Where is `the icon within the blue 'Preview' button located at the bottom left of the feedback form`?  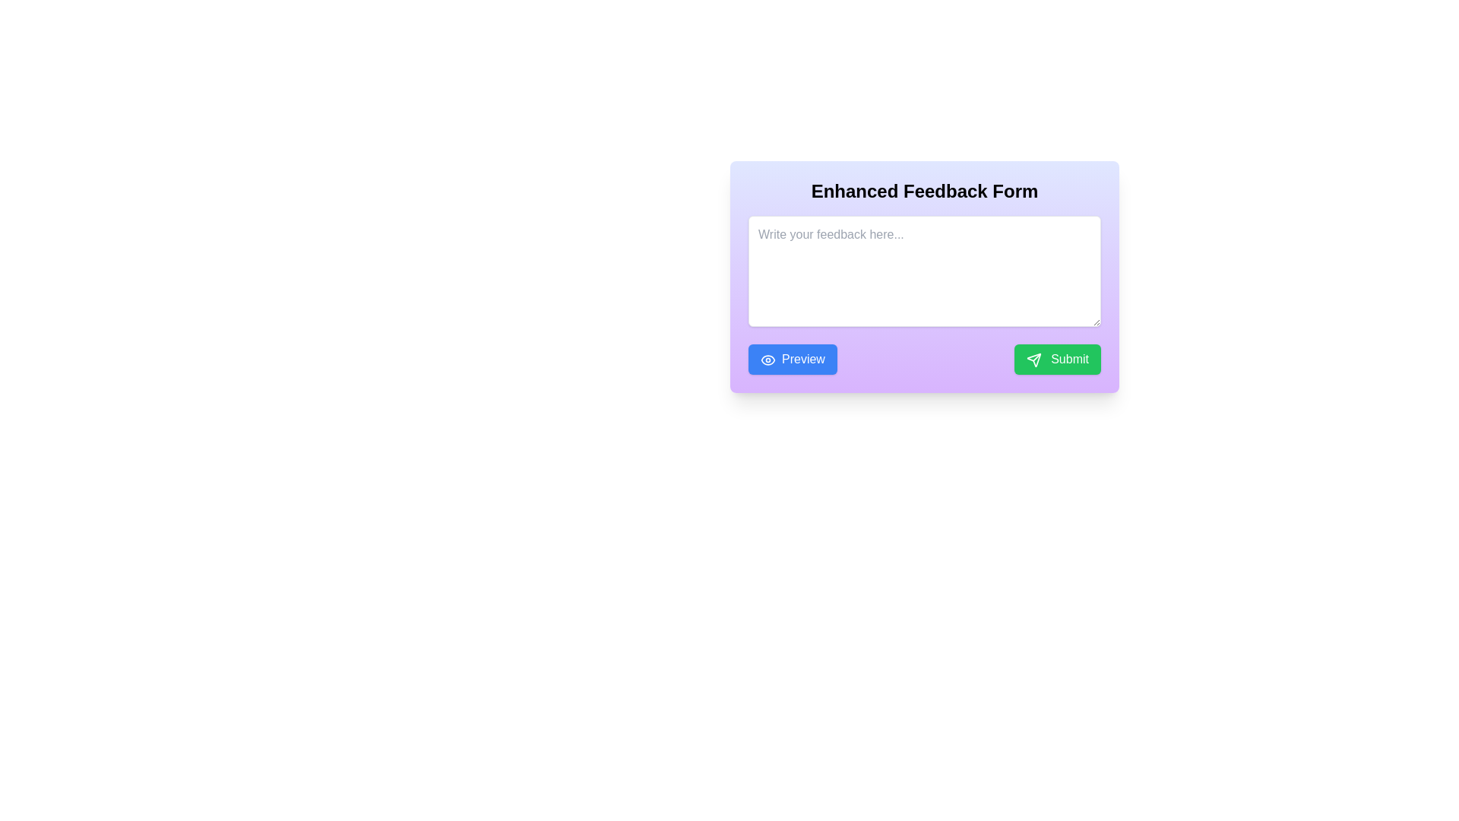 the icon within the blue 'Preview' button located at the bottom left of the feedback form is located at coordinates (768, 360).